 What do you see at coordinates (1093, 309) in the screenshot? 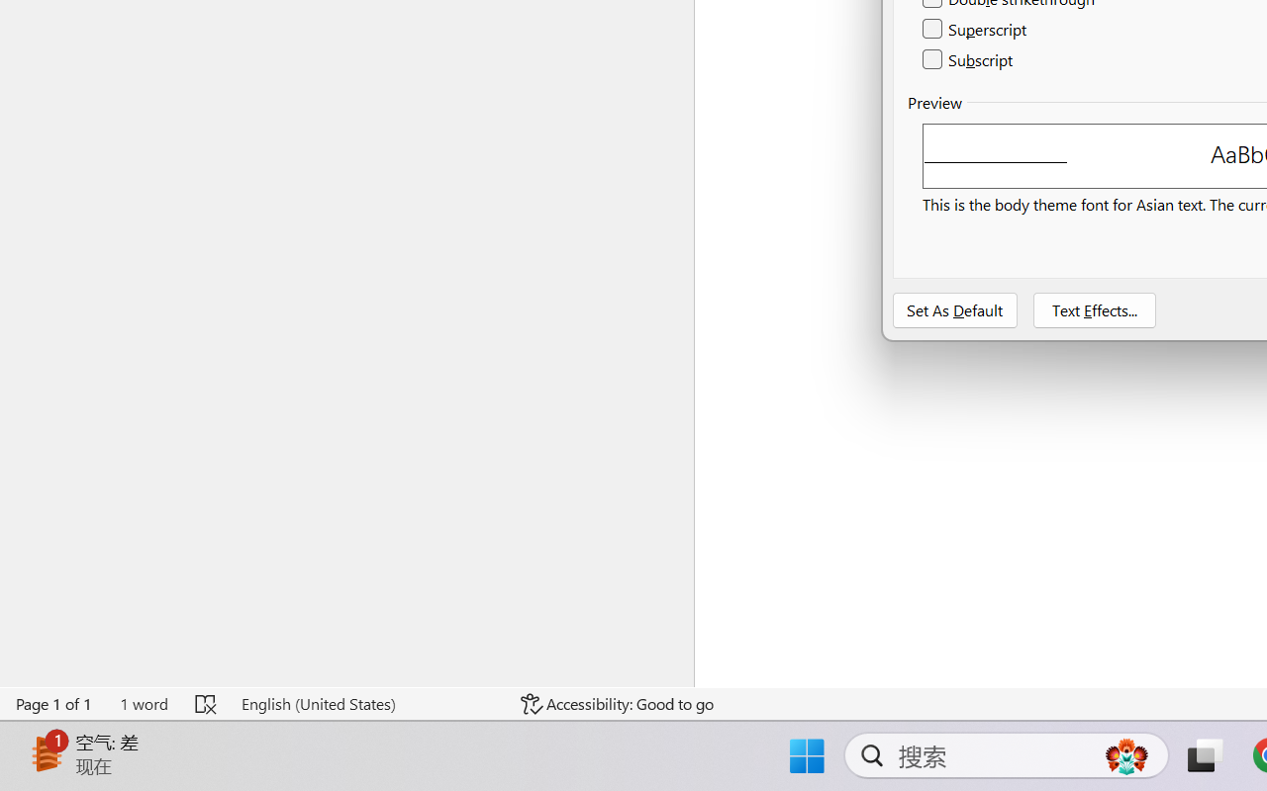
I see `'Text Effects...'` at bounding box center [1093, 309].